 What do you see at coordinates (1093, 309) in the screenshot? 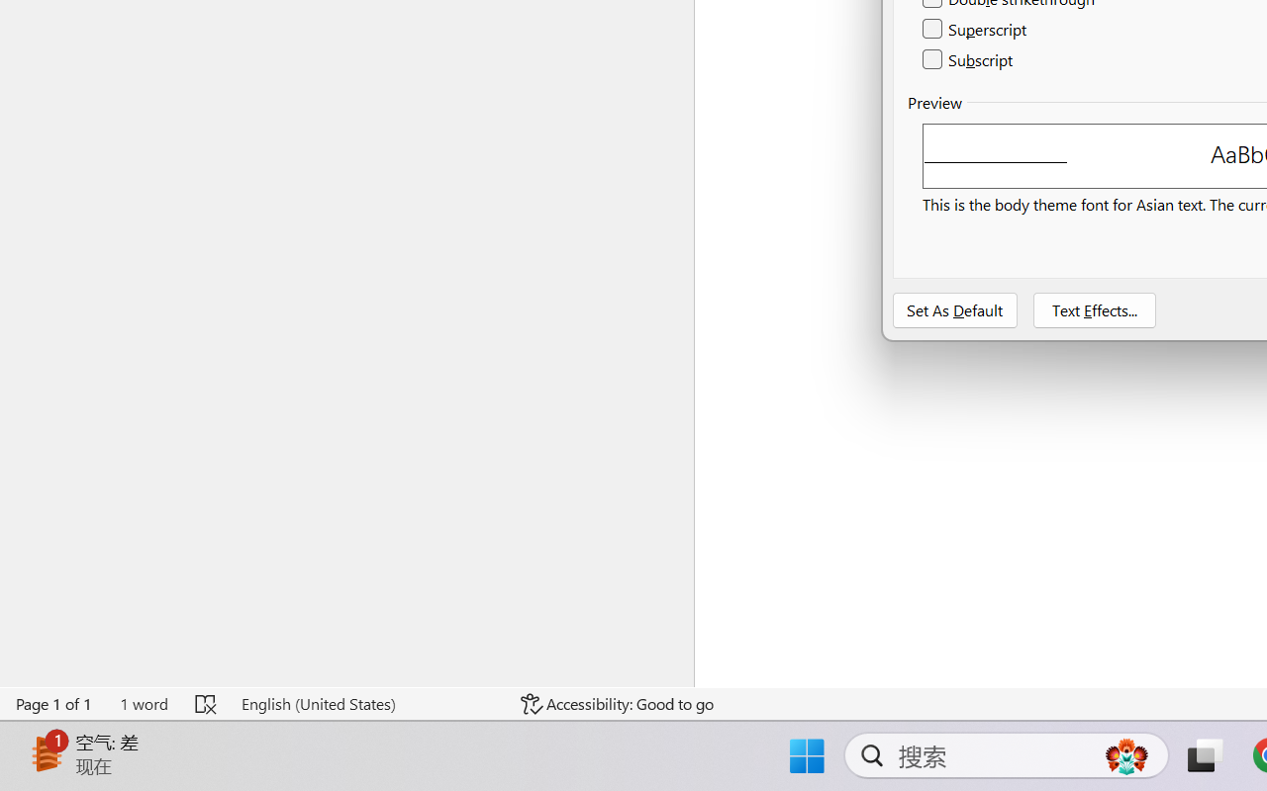
I see `'Text Effects...'` at bounding box center [1093, 309].